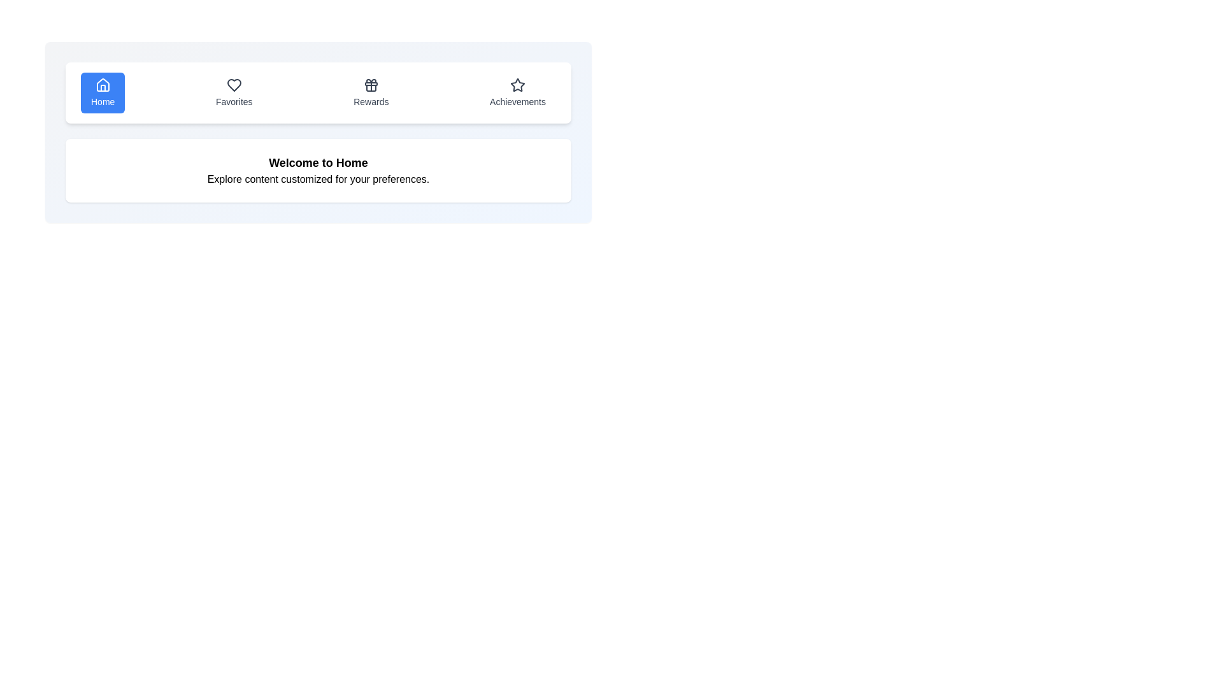  I want to click on the heart icon in the navigation bar, so click(234, 85).